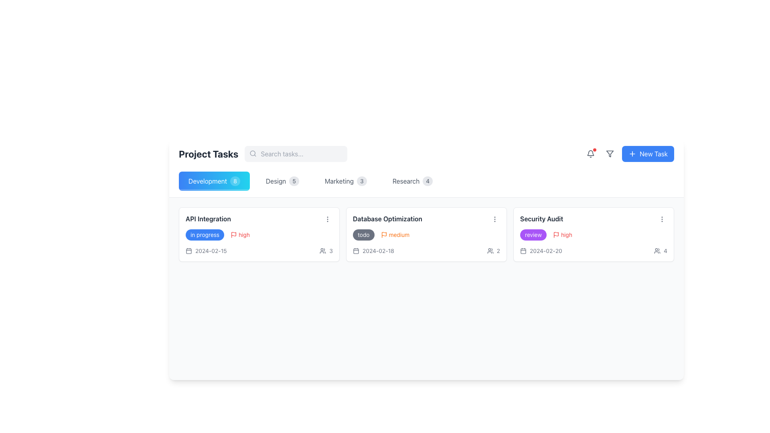 The image size is (770, 433). What do you see at coordinates (665, 250) in the screenshot?
I see `value displayed in the textual indicator showing the number of users or participants, which is located to the right of the user group icon` at bounding box center [665, 250].